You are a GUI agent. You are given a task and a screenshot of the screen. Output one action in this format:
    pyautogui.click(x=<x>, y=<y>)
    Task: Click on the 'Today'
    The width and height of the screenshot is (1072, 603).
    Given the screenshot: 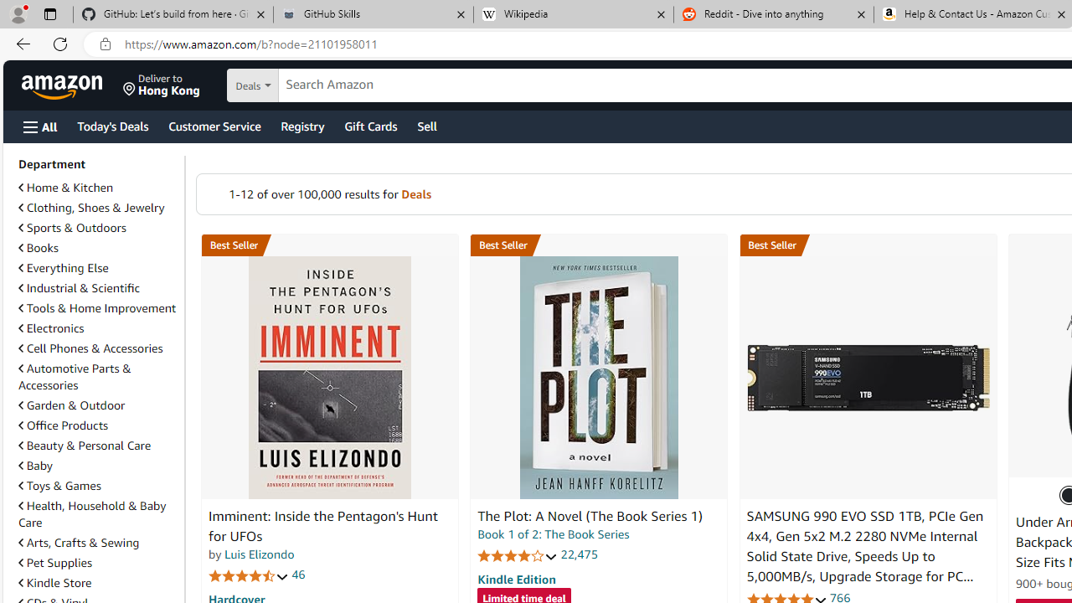 What is the action you would take?
    pyautogui.click(x=111, y=125)
    